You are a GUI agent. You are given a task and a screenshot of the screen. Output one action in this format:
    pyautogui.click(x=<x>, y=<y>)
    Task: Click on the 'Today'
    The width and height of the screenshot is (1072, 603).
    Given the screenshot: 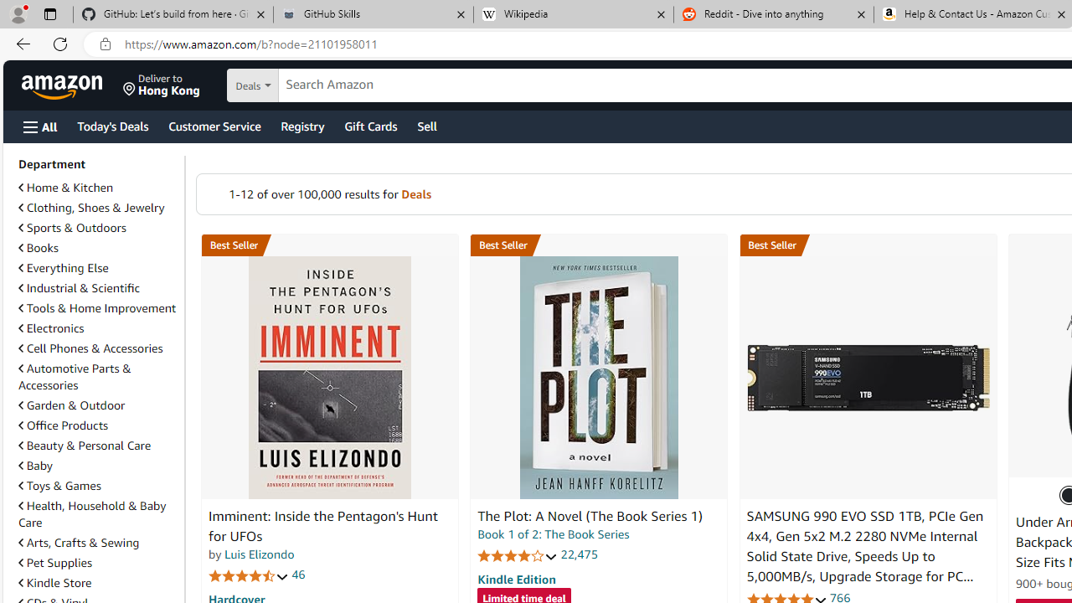 What is the action you would take?
    pyautogui.click(x=111, y=125)
    